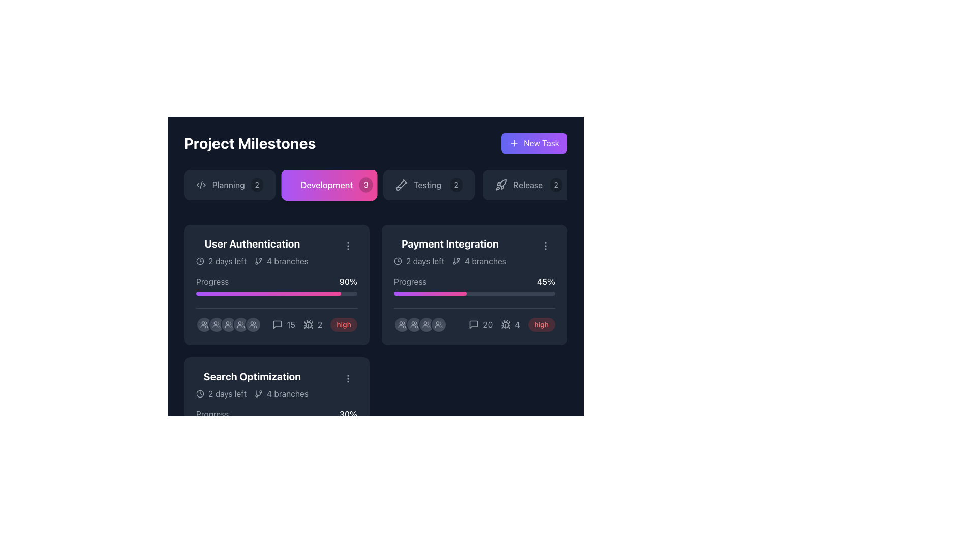 The width and height of the screenshot is (976, 549). Describe the element at coordinates (259, 393) in the screenshot. I see `the branching system icon located to the left of the '4 branches' text within the 'User Authentication' card` at that location.